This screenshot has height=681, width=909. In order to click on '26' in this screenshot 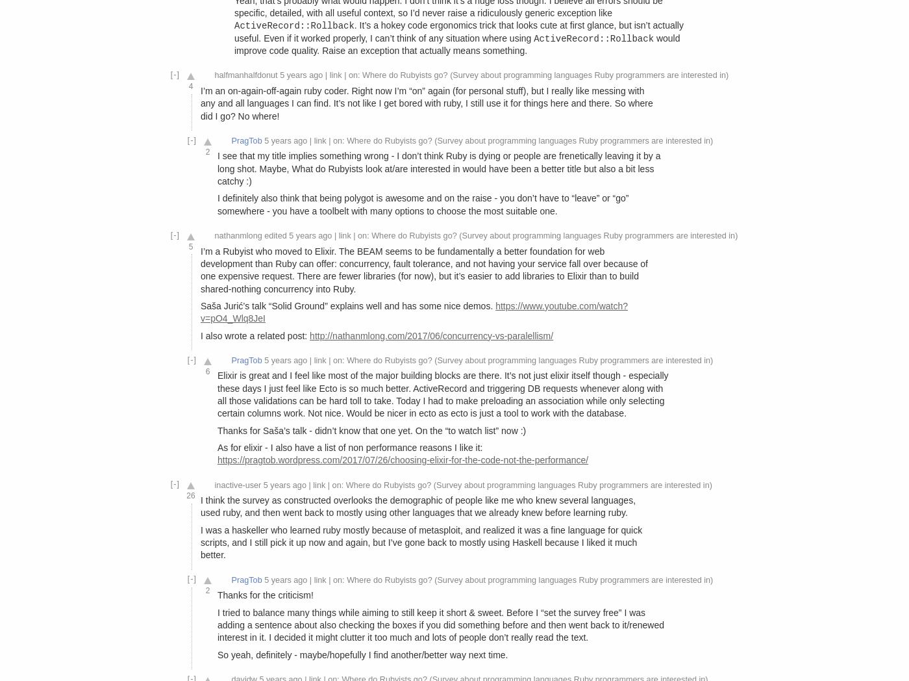, I will do `click(190, 496)`.